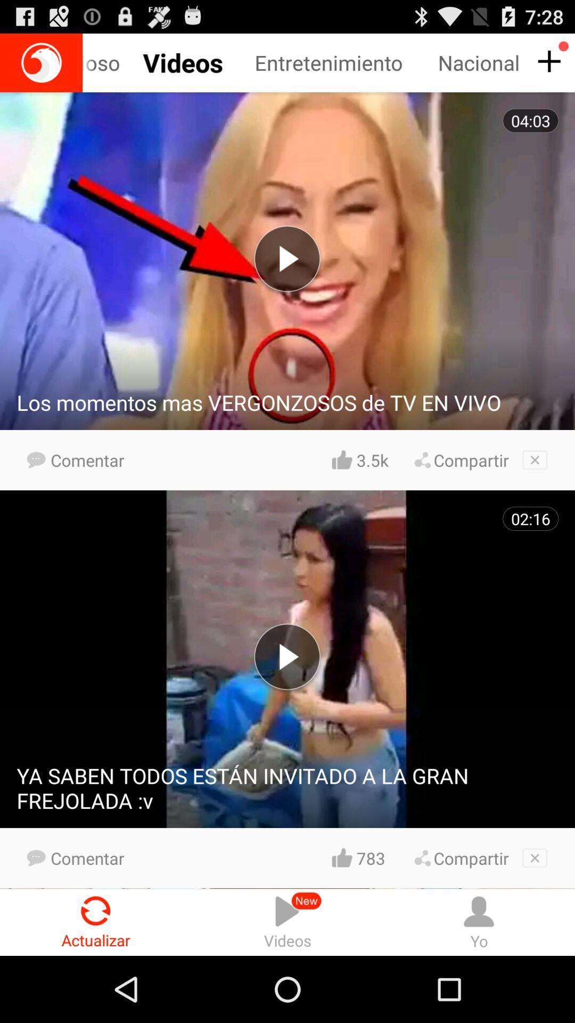 The height and width of the screenshot is (1023, 575). Describe the element at coordinates (547, 66) in the screenshot. I see `the add icon` at that location.